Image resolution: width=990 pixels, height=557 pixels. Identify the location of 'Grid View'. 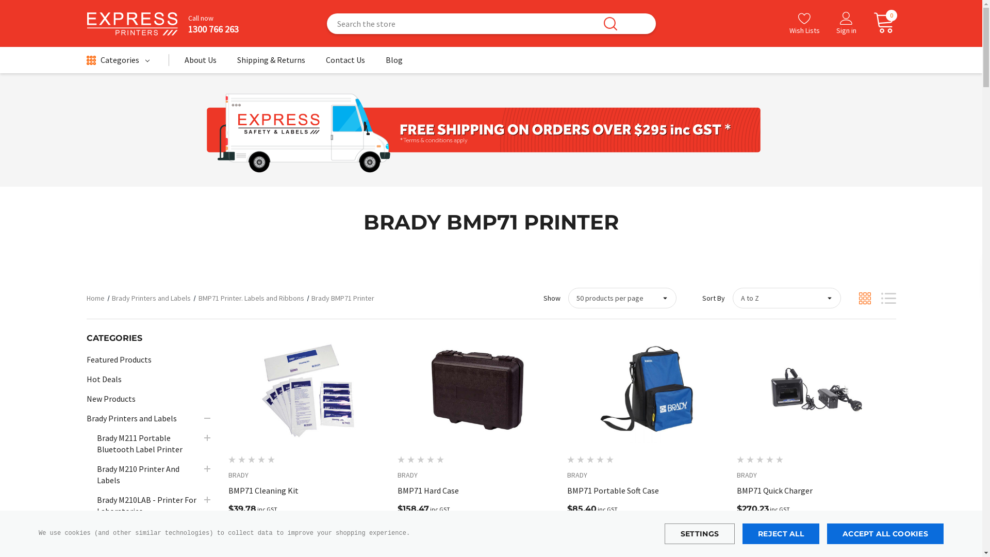
(859, 298).